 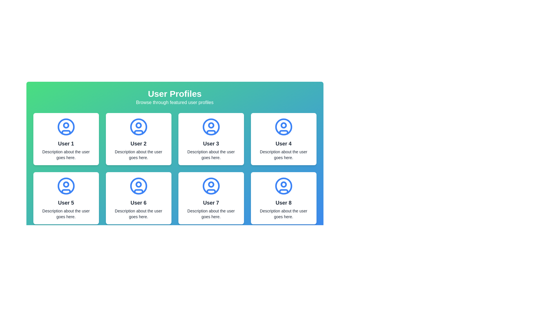 I want to click on the static text that reads 'Browse through featured user profiles', which is styled in a smaller, lighter font and located directly beneath the 'User Profiles' header, so click(x=174, y=102).